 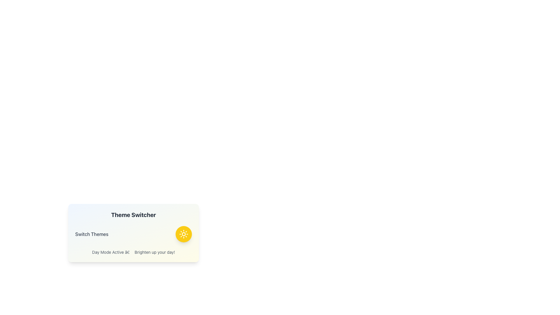 What do you see at coordinates (133, 254) in the screenshot?
I see `the 'Theme Switcher' widget, which features a title in bold, a subtitle 'Switch Themes', and a description 'Day Mode Active - Brighten up your day!' with a circular yellow button on the right` at bounding box center [133, 254].